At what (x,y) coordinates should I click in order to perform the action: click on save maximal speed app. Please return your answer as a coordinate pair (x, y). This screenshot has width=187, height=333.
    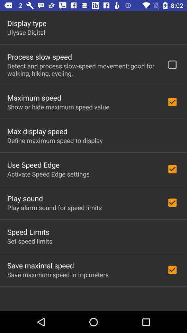
    Looking at the image, I should click on (41, 265).